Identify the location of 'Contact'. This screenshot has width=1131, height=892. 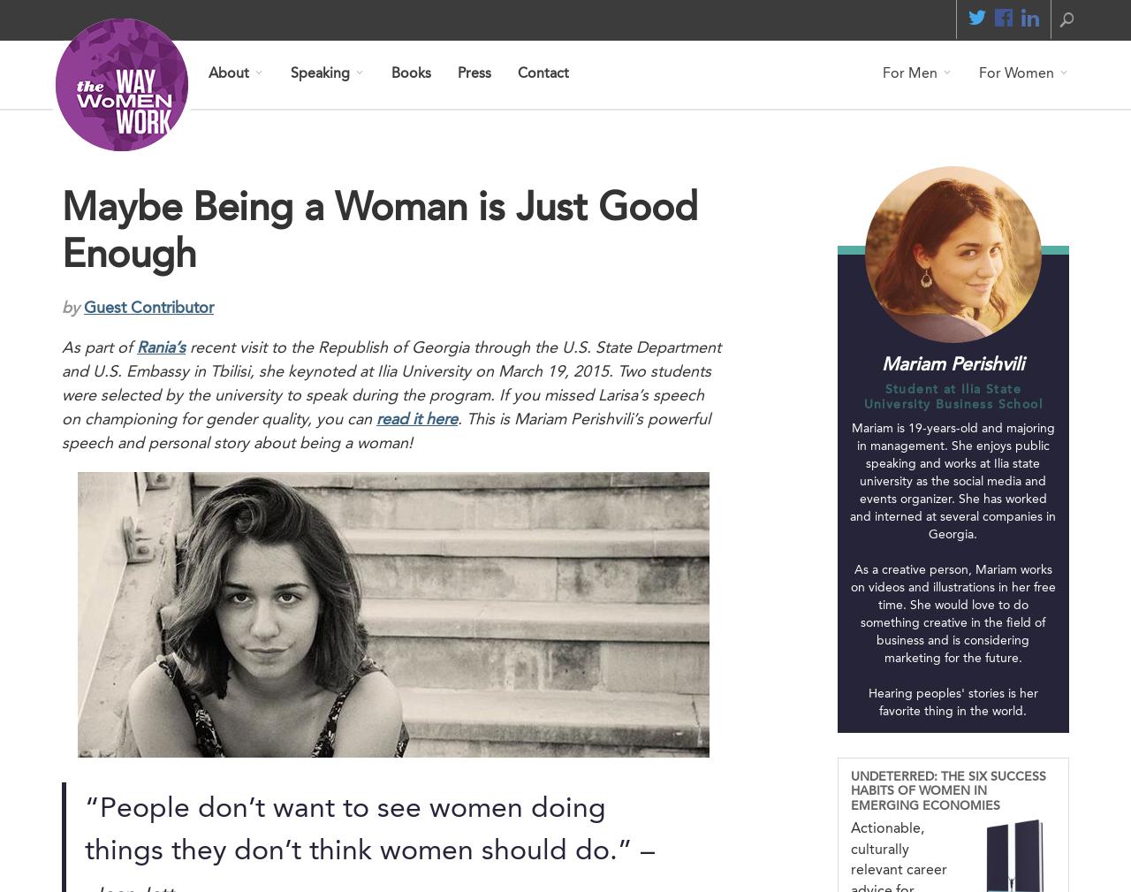
(516, 72).